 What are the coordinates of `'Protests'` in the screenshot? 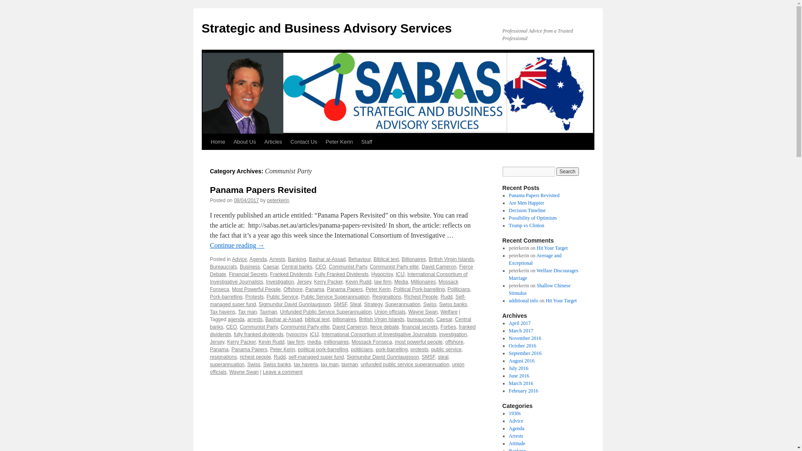 It's located at (254, 296).